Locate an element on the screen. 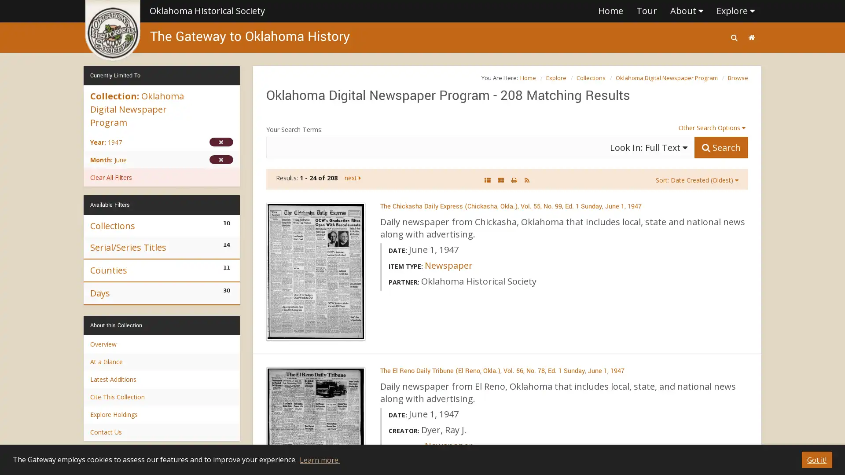 Image resolution: width=845 pixels, height=475 pixels. Submit Search Query is located at coordinates (721, 146).